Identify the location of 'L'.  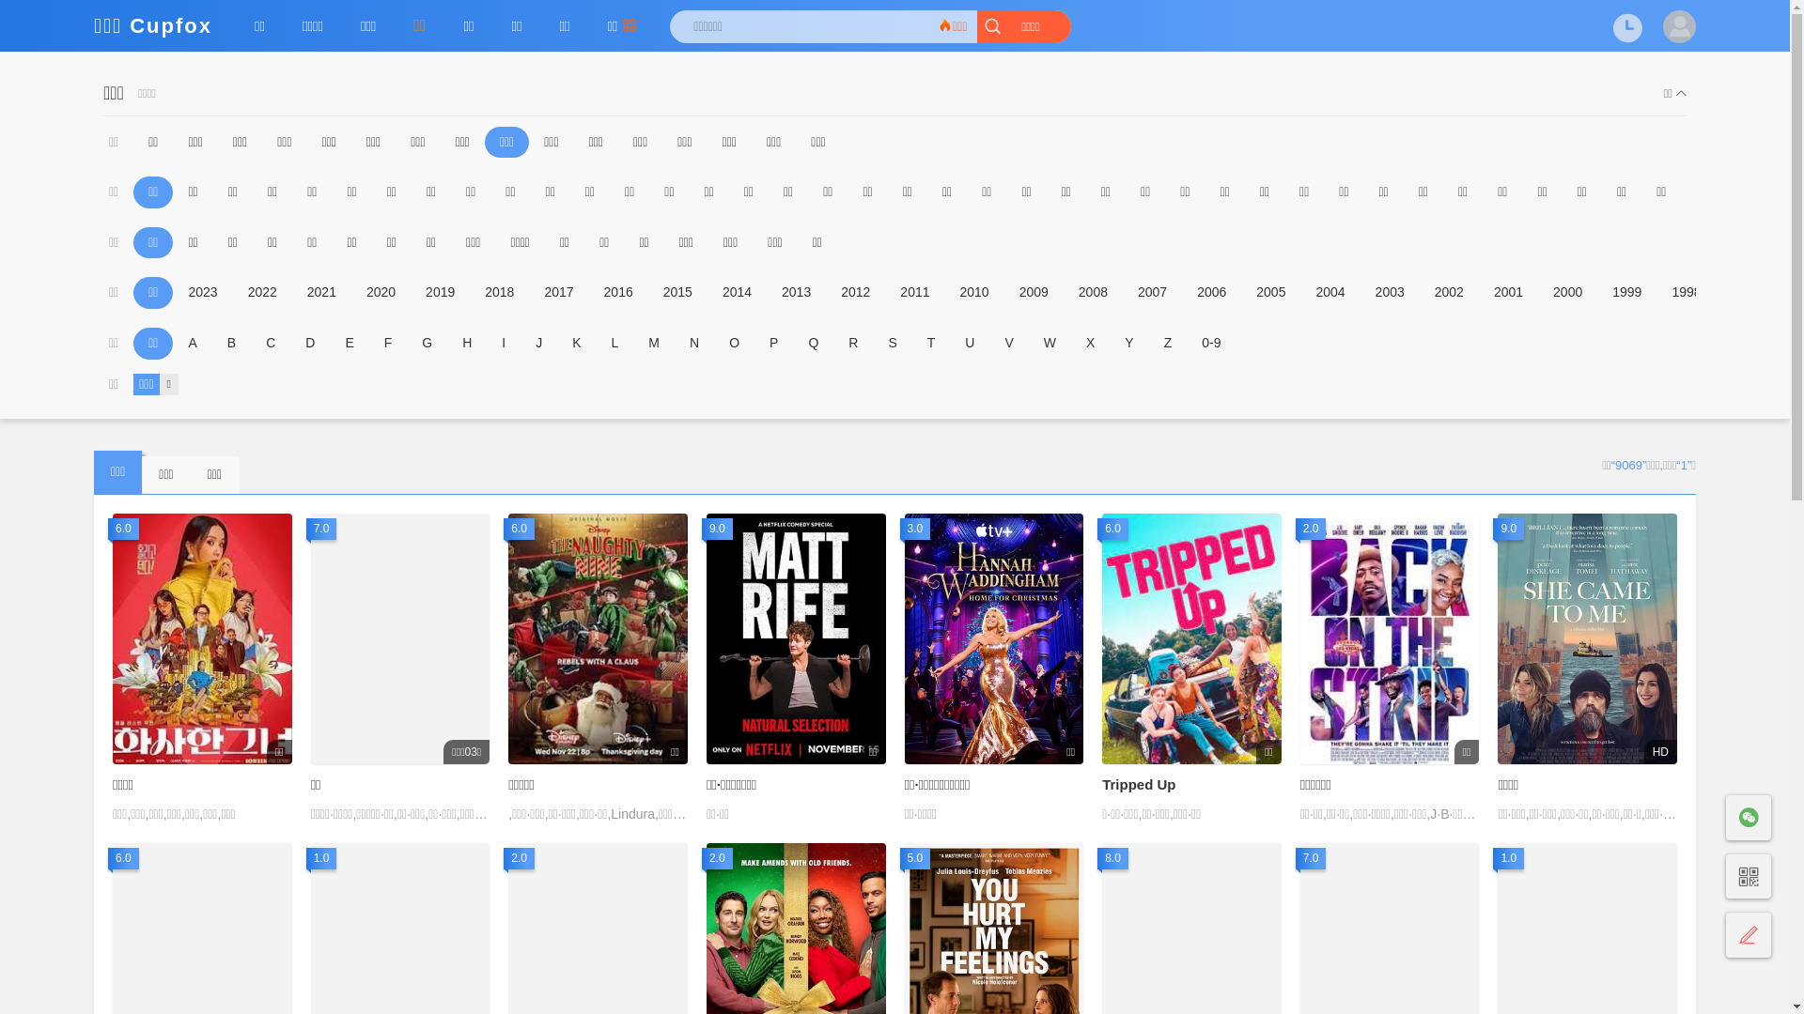
(595, 344).